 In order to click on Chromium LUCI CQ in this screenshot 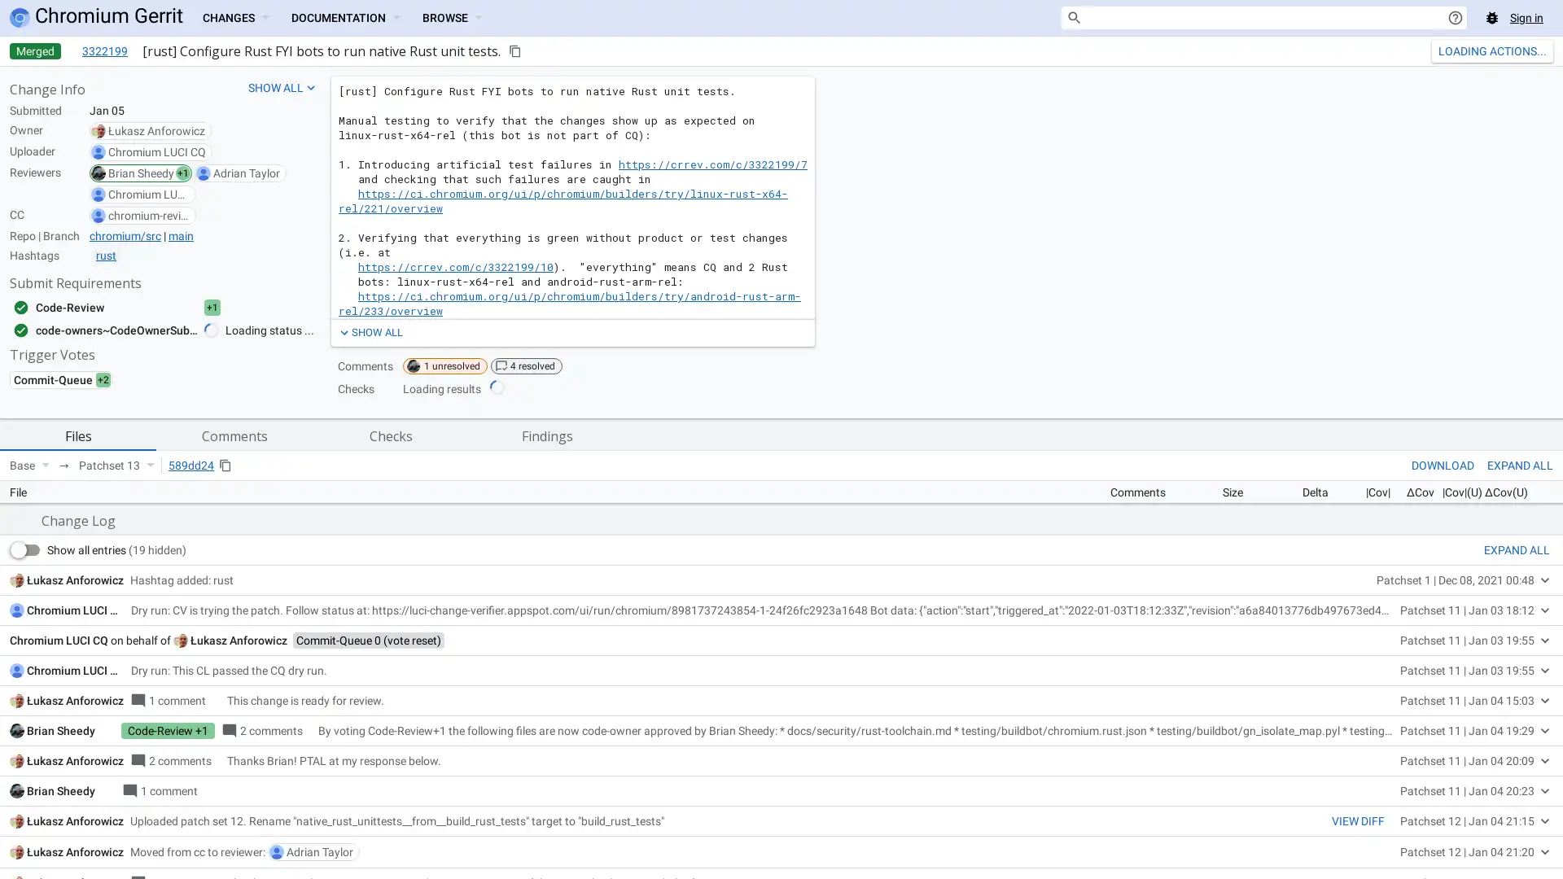, I will do `click(148, 194)`.